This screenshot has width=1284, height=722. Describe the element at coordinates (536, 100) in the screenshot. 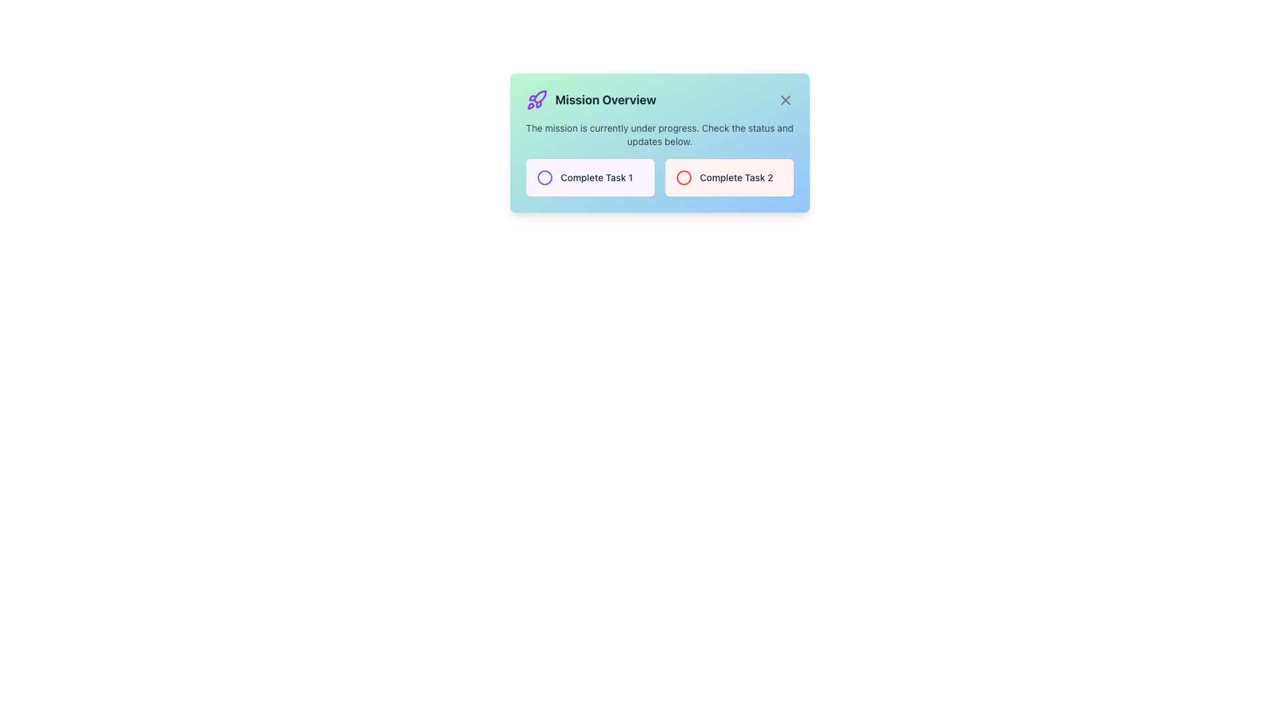

I see `the decorative 'Mission' icon located in the top-left corner of the card, next to the bold text 'Mission Overview'` at that location.